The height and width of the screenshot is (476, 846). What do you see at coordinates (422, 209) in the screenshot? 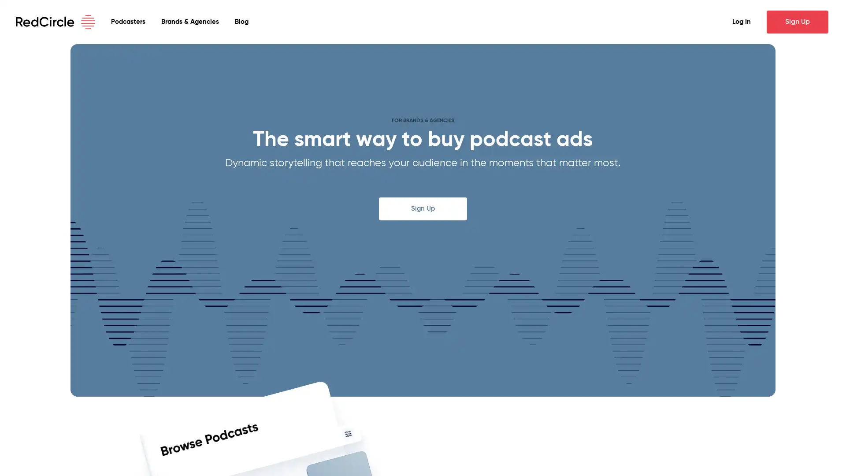
I see `Sign Up` at bounding box center [422, 209].